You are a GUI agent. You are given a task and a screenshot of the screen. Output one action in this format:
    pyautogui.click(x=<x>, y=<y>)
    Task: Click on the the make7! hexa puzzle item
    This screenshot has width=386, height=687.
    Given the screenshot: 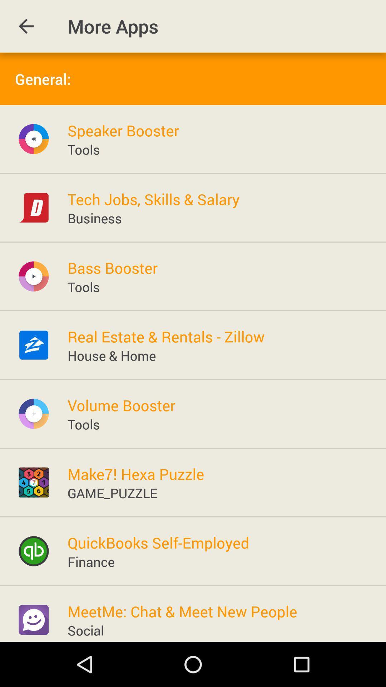 What is the action you would take?
    pyautogui.click(x=136, y=474)
    